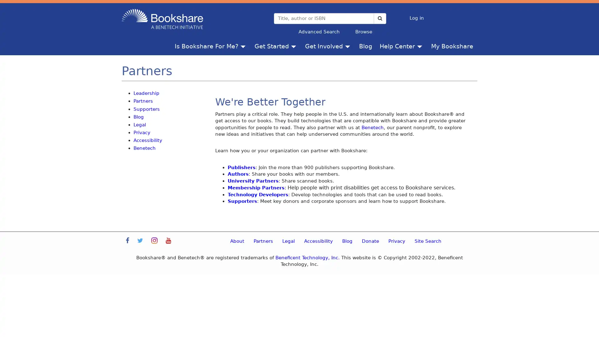 The image size is (599, 337). I want to click on Get Involved menu, so click(348, 46).